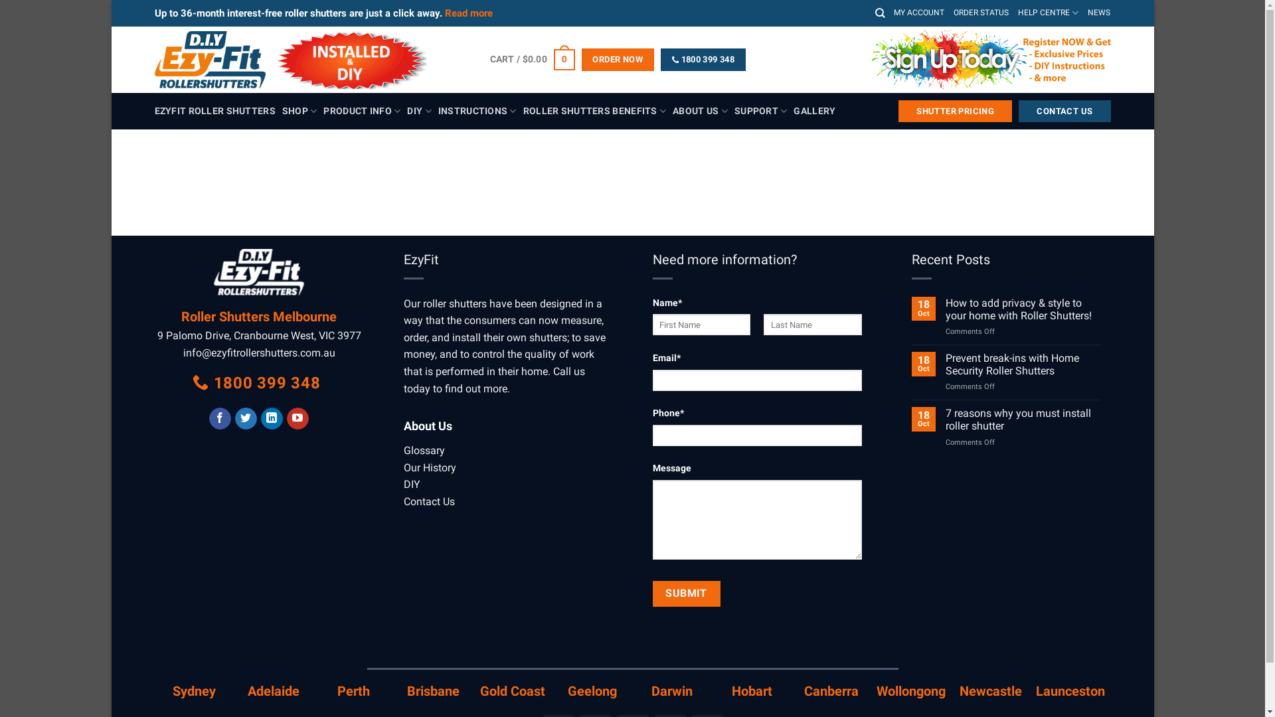 The image size is (1275, 717). Describe the element at coordinates (403, 466) in the screenshot. I see `'Our History'` at that location.